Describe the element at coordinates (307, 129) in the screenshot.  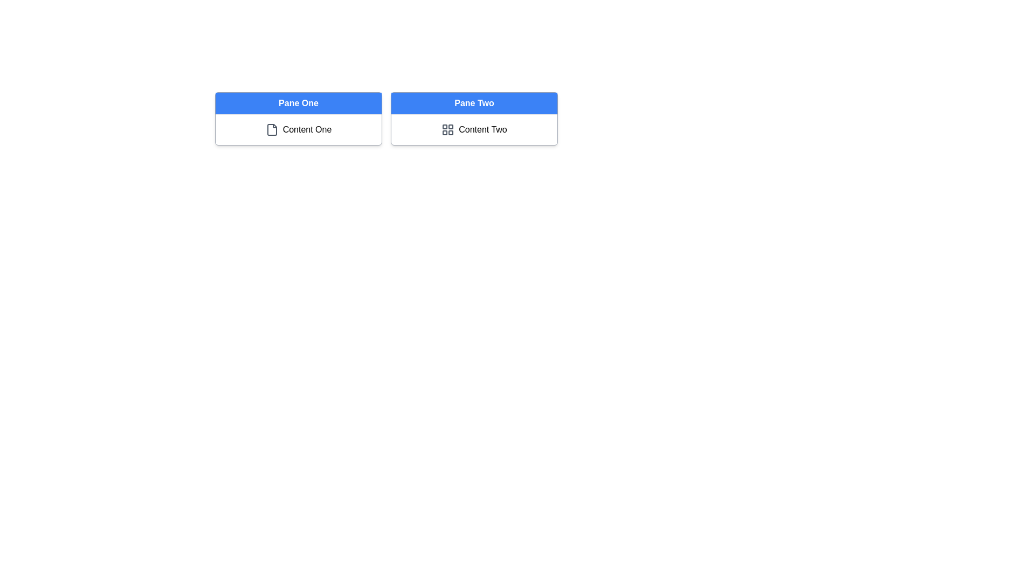
I see `the Text Label displaying 'Content One' located under the 'Pane One' section` at that location.